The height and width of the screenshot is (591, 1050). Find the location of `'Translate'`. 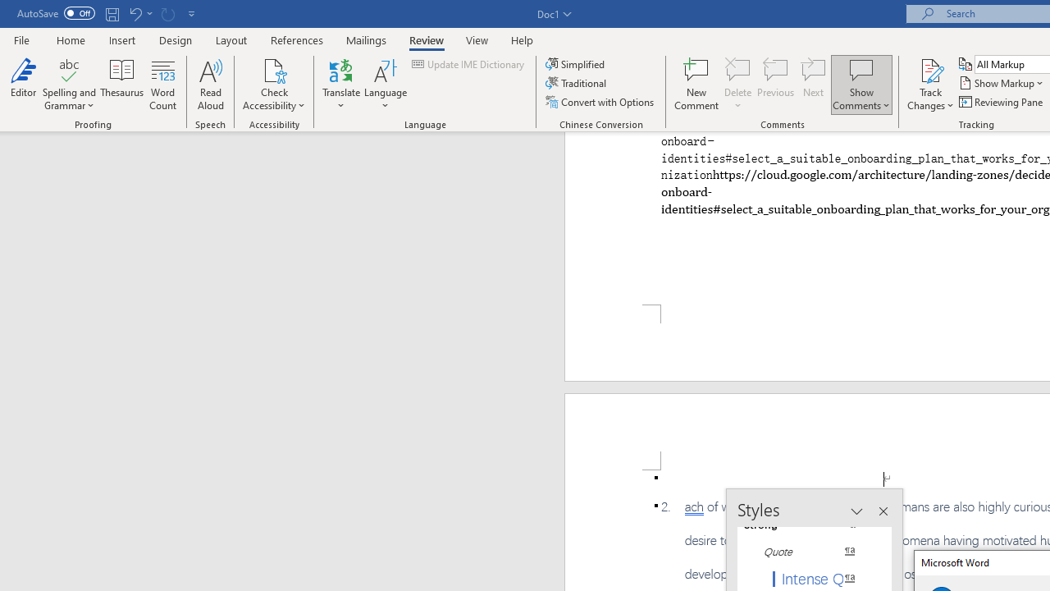

'Translate' is located at coordinates (340, 85).